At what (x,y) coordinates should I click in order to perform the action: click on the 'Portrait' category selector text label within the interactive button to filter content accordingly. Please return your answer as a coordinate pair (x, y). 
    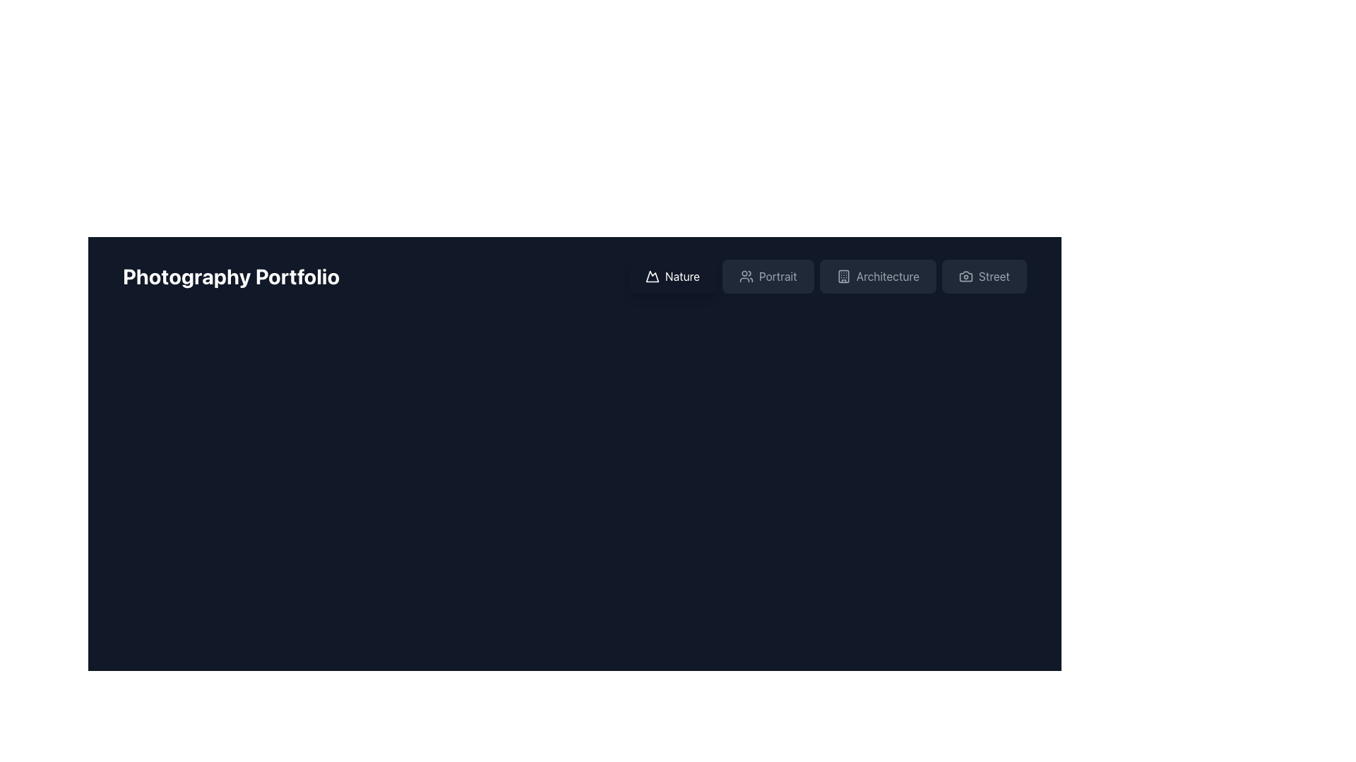
    Looking at the image, I should click on (777, 277).